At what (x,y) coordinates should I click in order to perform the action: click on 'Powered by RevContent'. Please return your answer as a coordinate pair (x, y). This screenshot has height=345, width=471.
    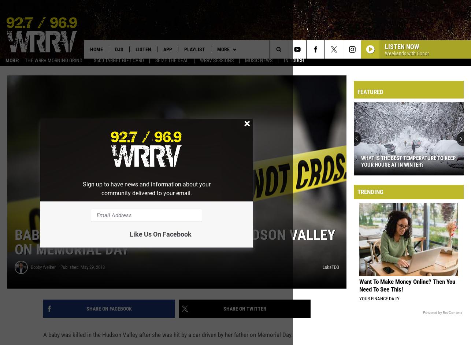
    Looking at the image, I should click on (442, 316).